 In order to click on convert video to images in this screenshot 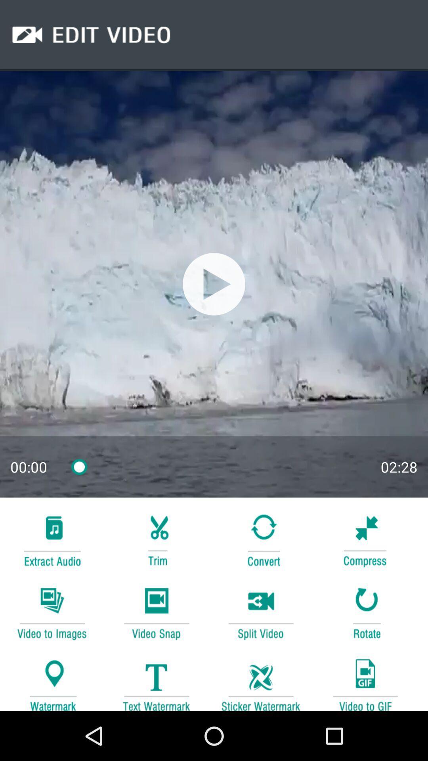, I will do `click(52, 612)`.